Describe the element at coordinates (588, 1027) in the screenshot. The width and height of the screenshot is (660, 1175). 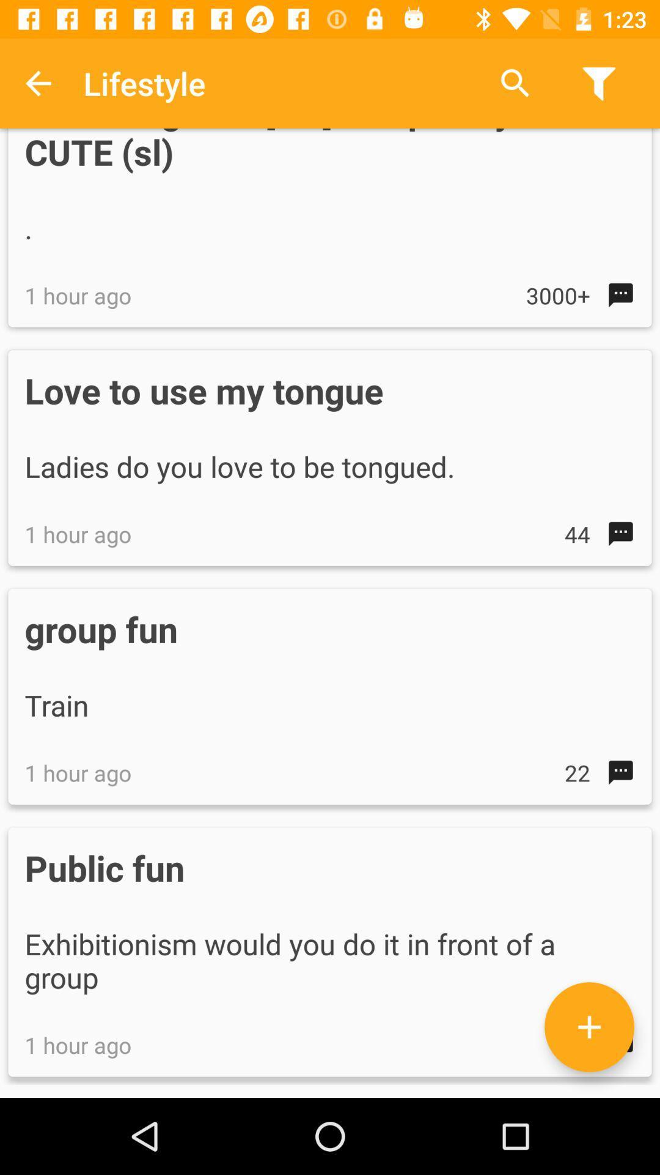
I see `bottom of the right corner text icon` at that location.